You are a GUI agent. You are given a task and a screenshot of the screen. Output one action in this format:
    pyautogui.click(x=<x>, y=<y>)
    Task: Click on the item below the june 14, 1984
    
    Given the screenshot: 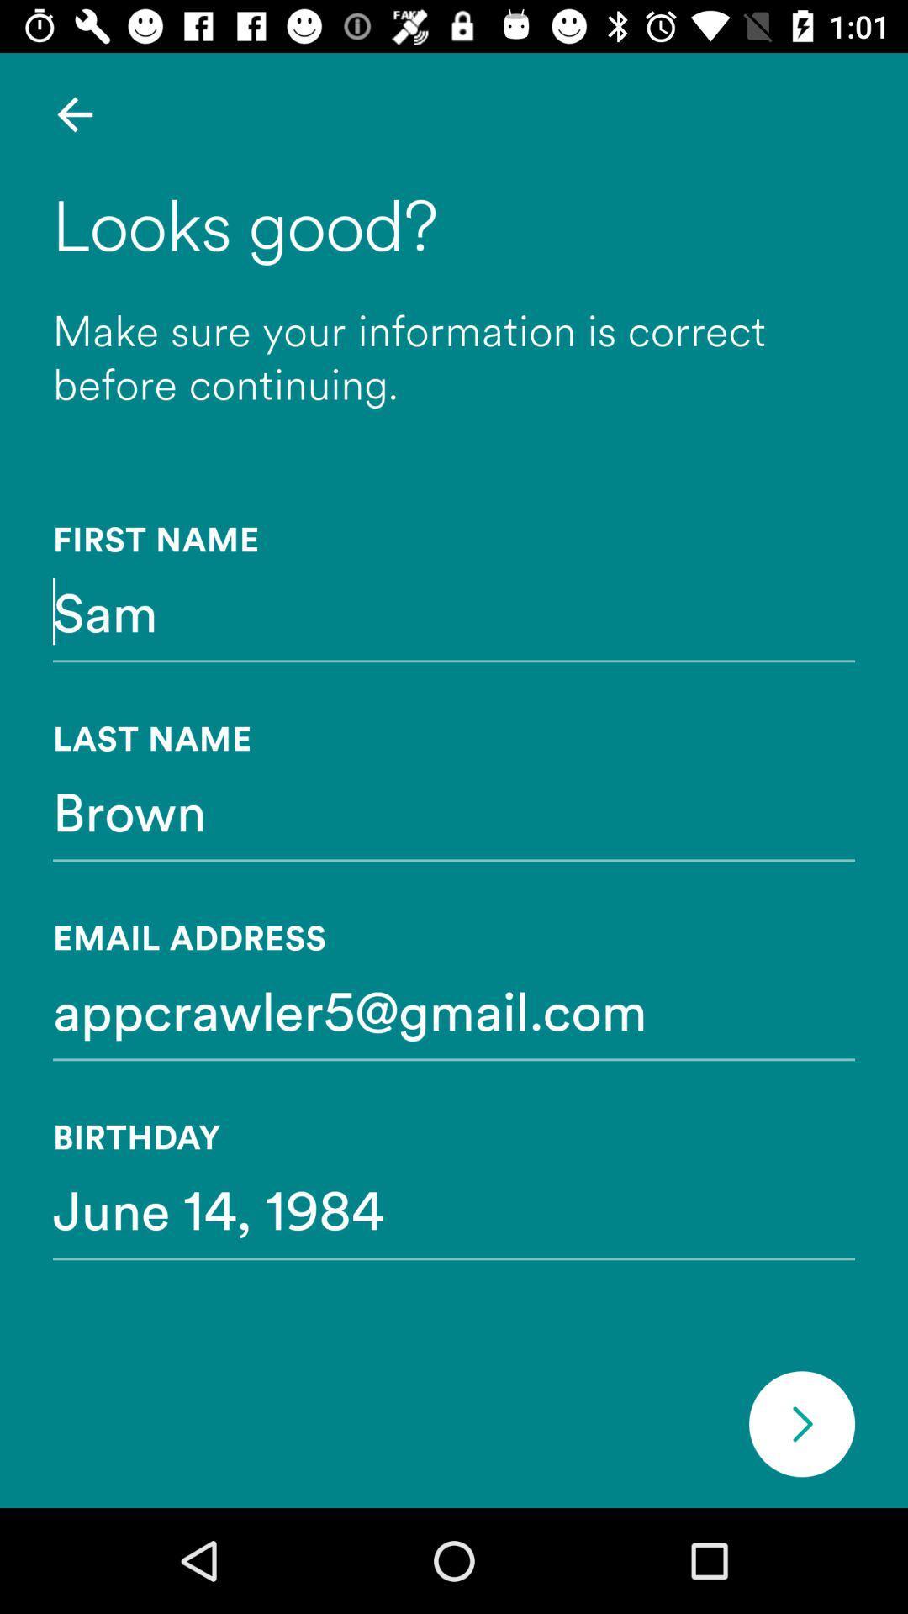 What is the action you would take?
    pyautogui.click(x=800, y=1423)
    